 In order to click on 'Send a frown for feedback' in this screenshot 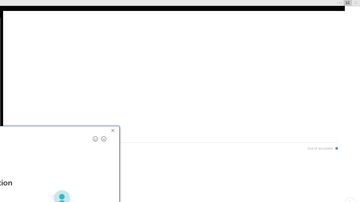, I will do `click(104, 139)`.